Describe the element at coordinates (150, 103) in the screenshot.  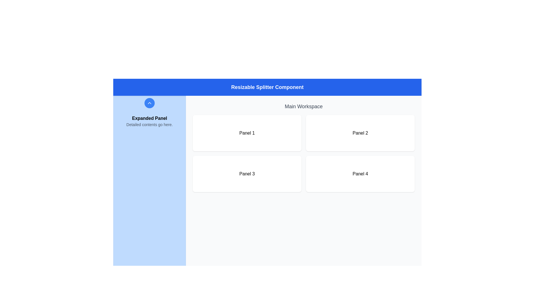
I see `the button with an icon` at that location.